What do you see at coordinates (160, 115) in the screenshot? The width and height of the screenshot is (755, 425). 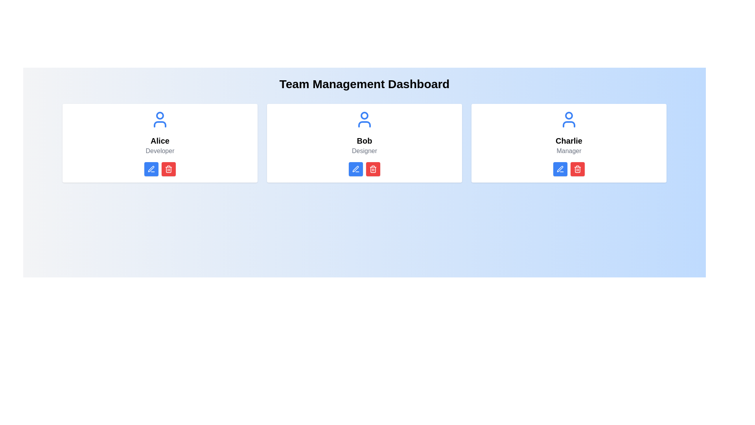 I see `the circular shape representing the head of the user icon for 'Alice' located at the top-center of the leftmost card in the dashboard layout` at bounding box center [160, 115].